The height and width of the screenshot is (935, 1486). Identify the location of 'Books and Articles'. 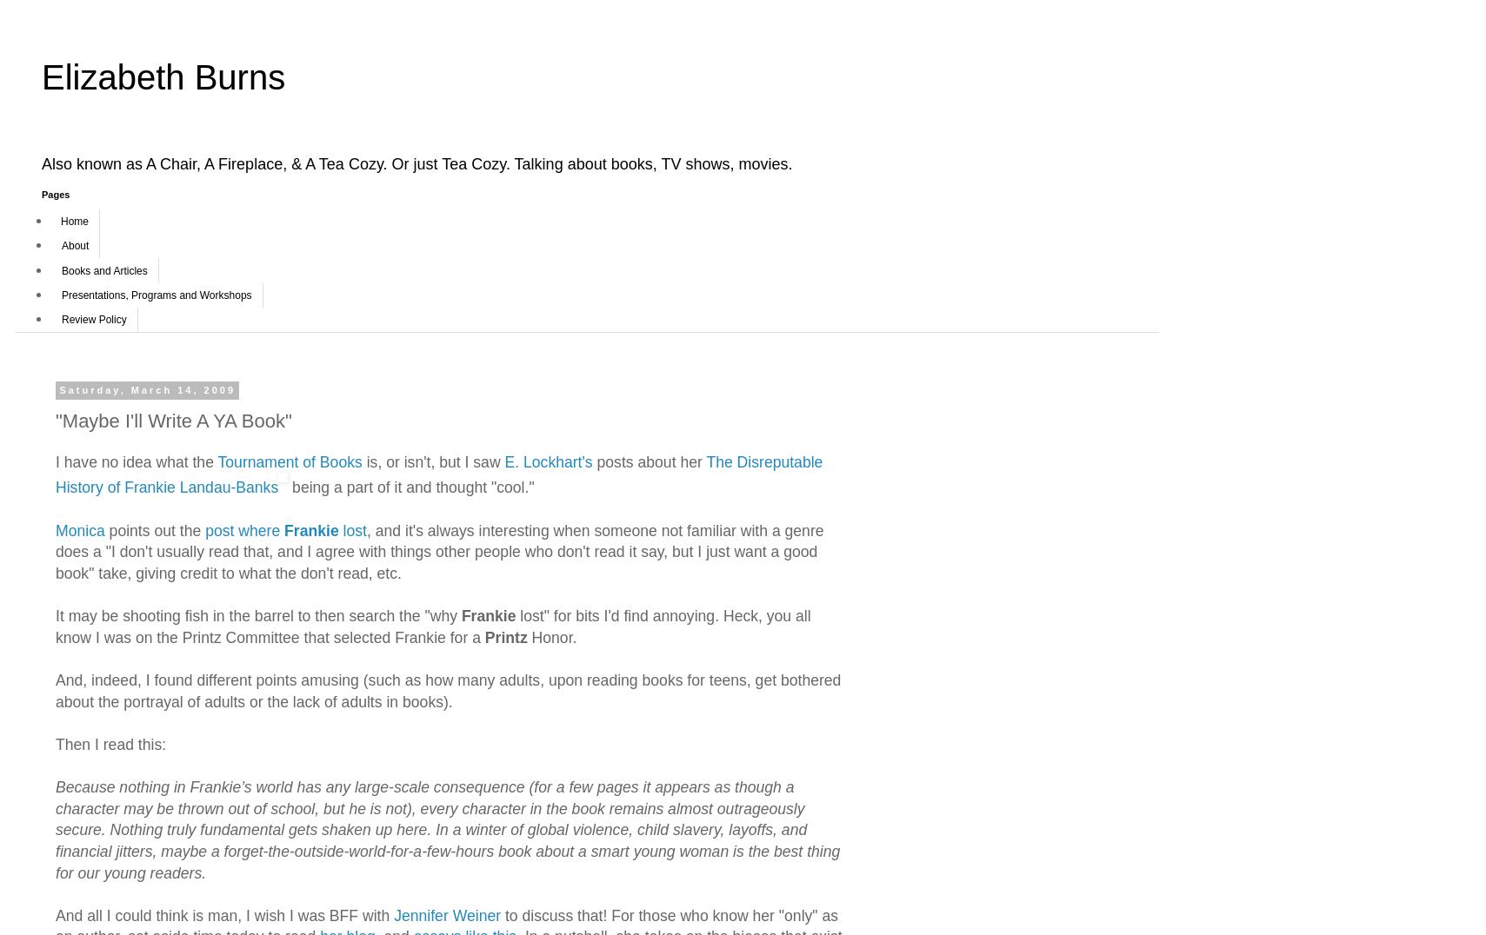
(103, 269).